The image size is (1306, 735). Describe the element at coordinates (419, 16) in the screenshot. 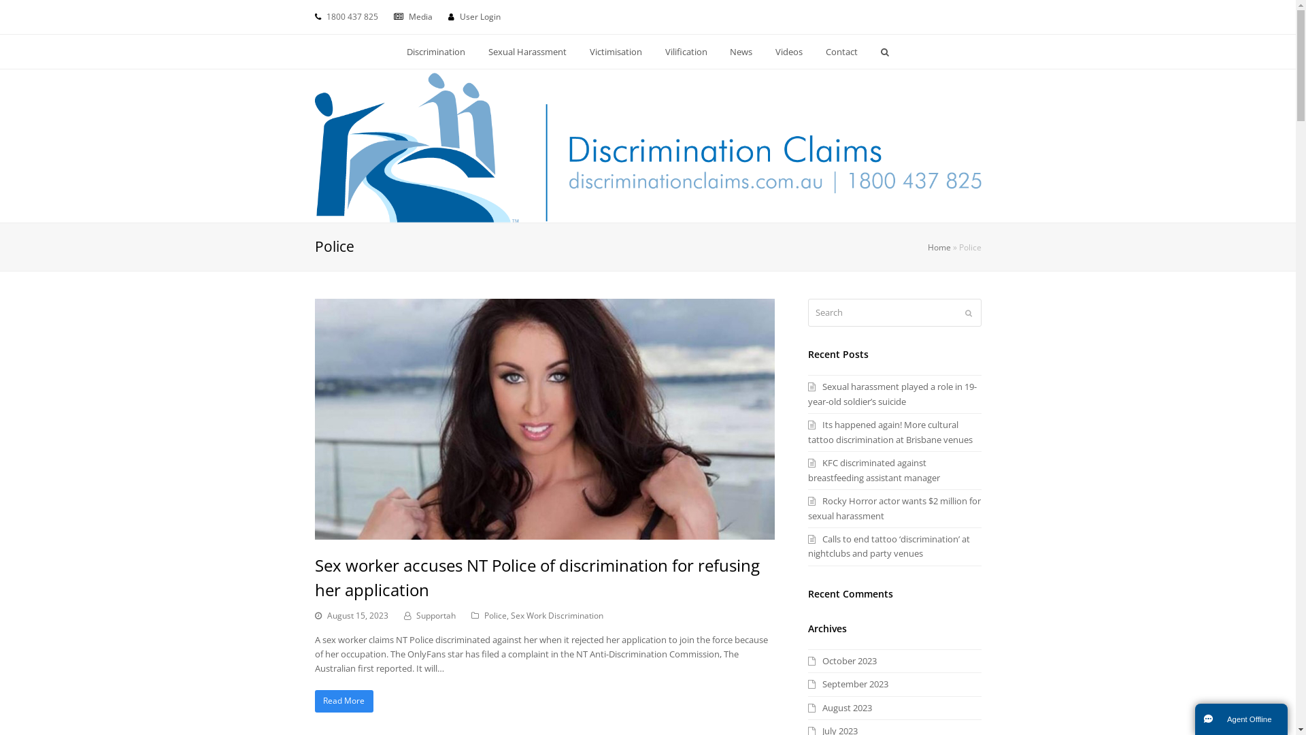

I see `'Media'` at that location.